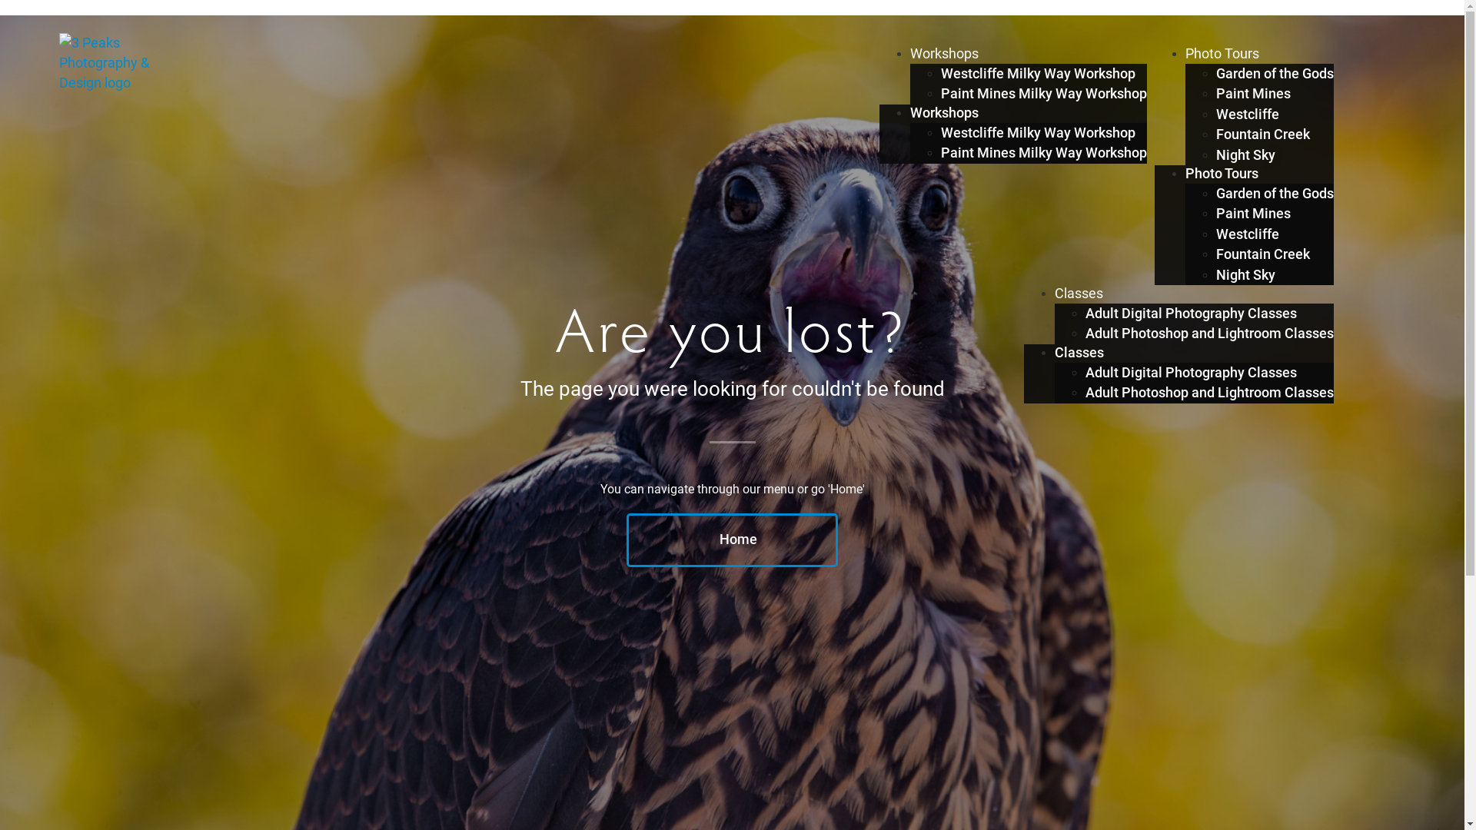  Describe the element at coordinates (1190, 313) in the screenshot. I see `'Adult Digital Photography Classes'` at that location.